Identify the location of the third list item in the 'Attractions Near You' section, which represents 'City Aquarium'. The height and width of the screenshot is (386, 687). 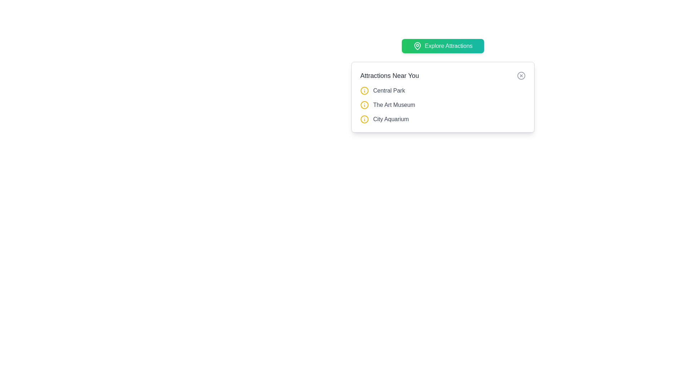
(443, 119).